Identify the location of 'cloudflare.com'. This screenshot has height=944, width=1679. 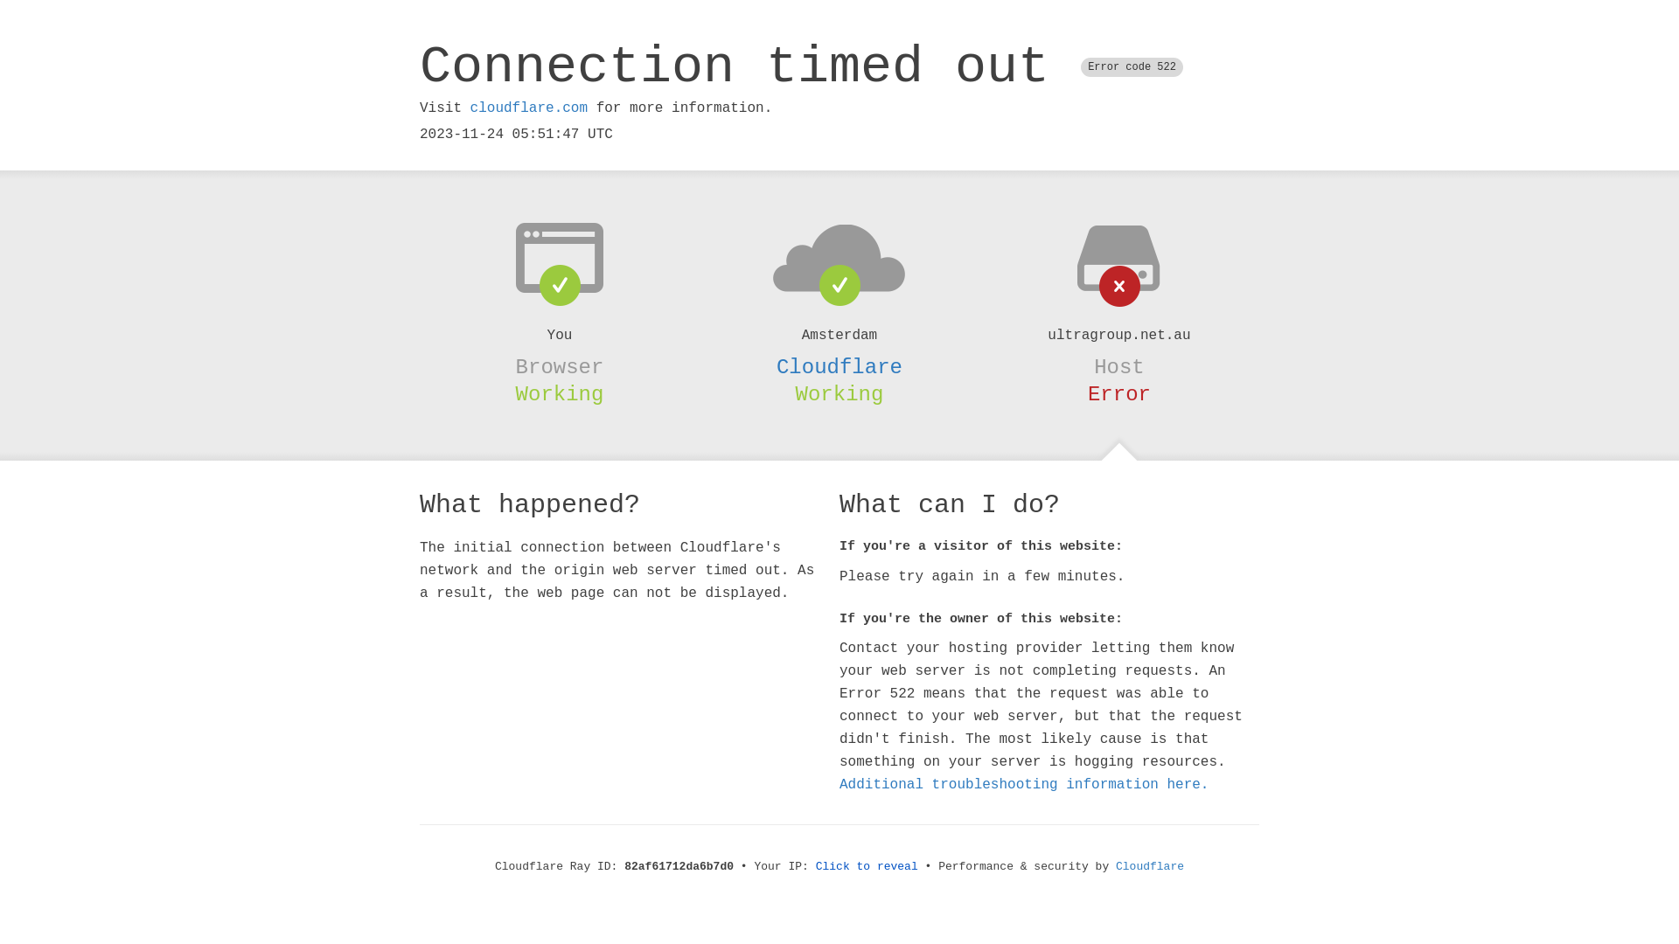
(527, 108).